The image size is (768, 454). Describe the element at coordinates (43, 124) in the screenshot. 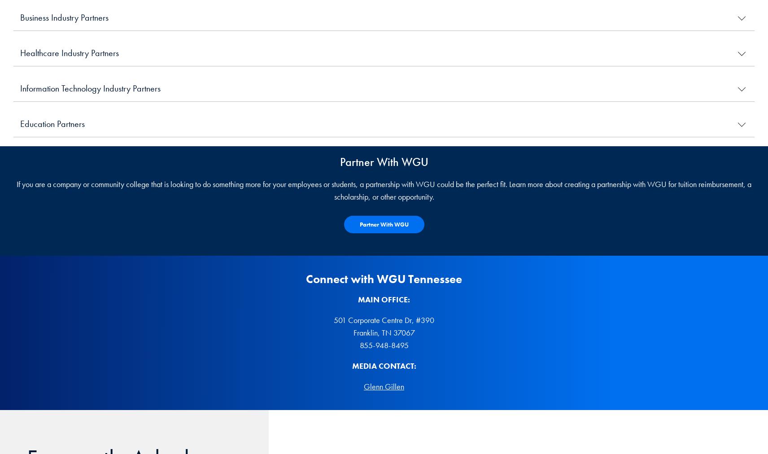

I see `'Fifth Third Bank'` at that location.